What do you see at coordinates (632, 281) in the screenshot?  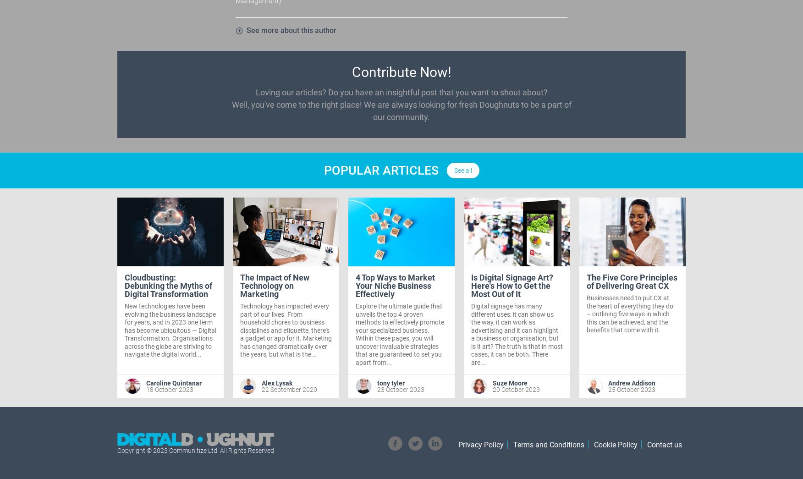 I see `'The Five Core Principles of Delivering Great CX'` at bounding box center [632, 281].